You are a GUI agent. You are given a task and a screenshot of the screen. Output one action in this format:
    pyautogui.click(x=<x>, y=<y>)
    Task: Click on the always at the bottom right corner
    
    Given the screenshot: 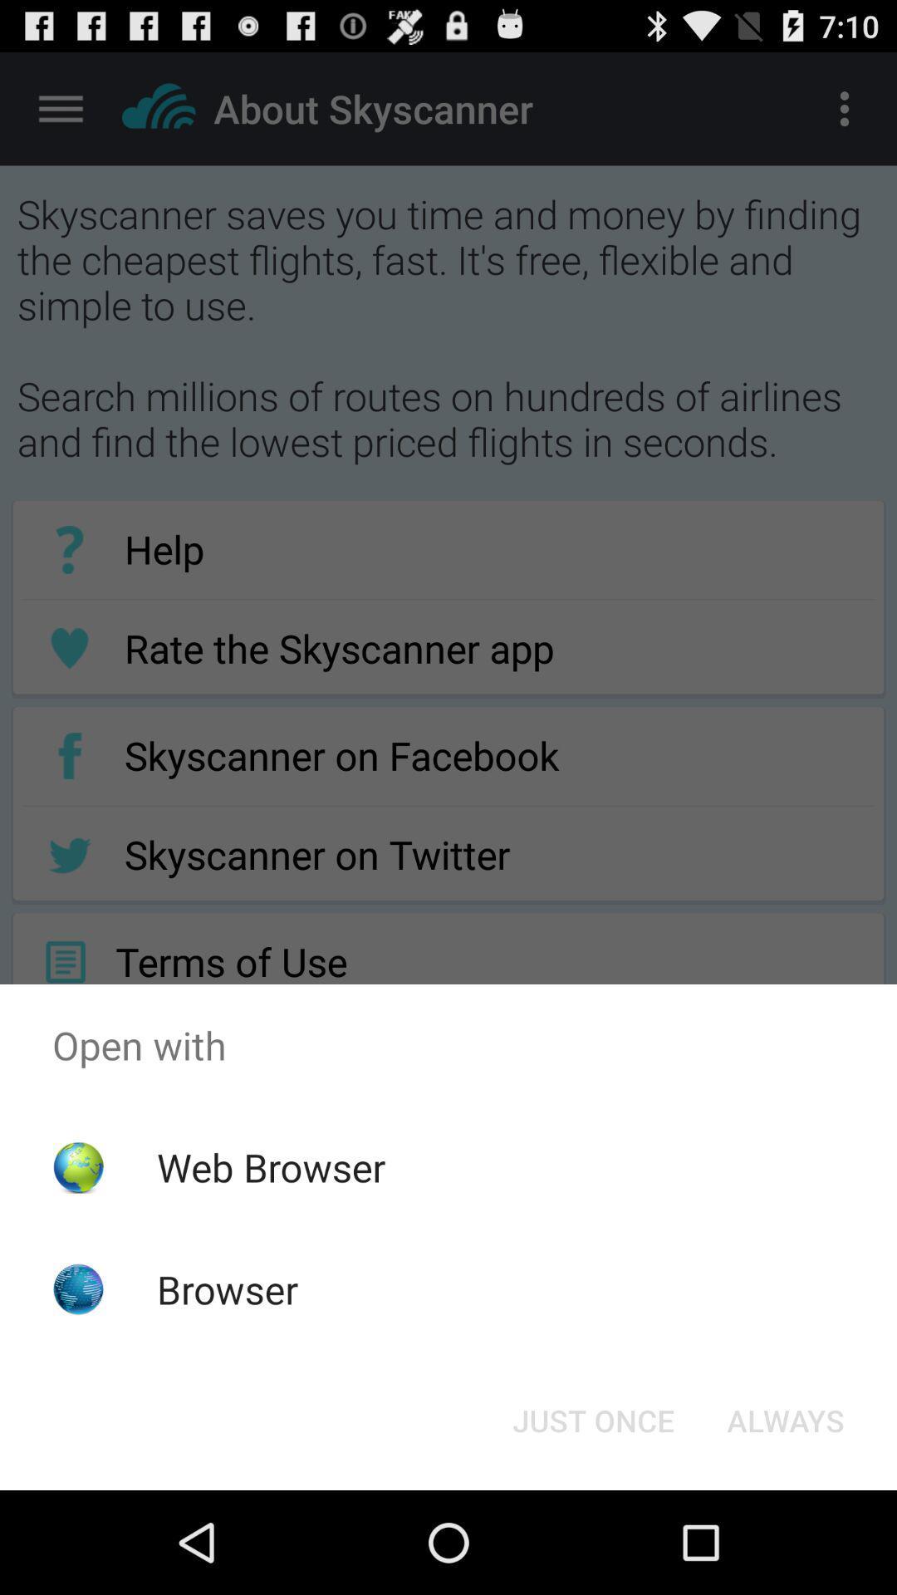 What is the action you would take?
    pyautogui.click(x=785, y=1419)
    